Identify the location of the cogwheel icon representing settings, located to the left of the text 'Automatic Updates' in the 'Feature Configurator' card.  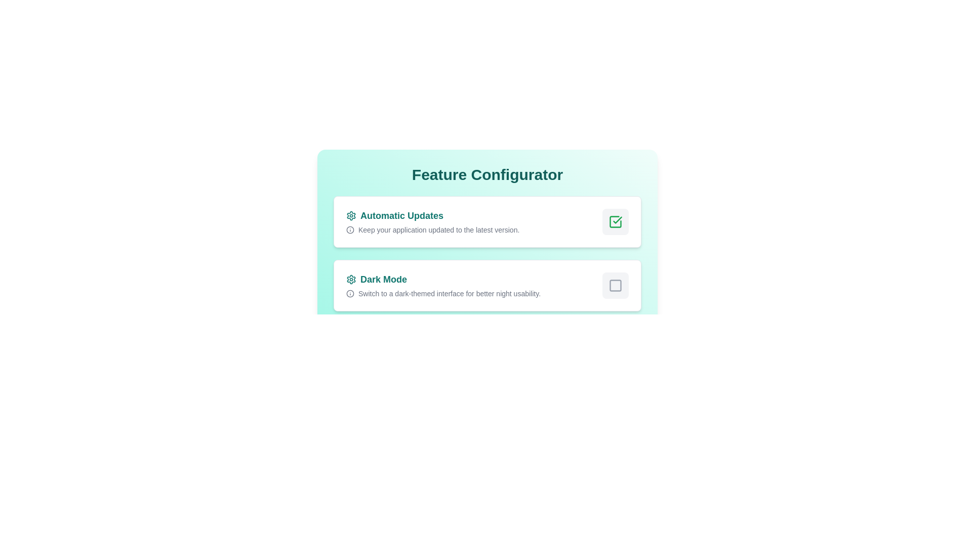
(351, 215).